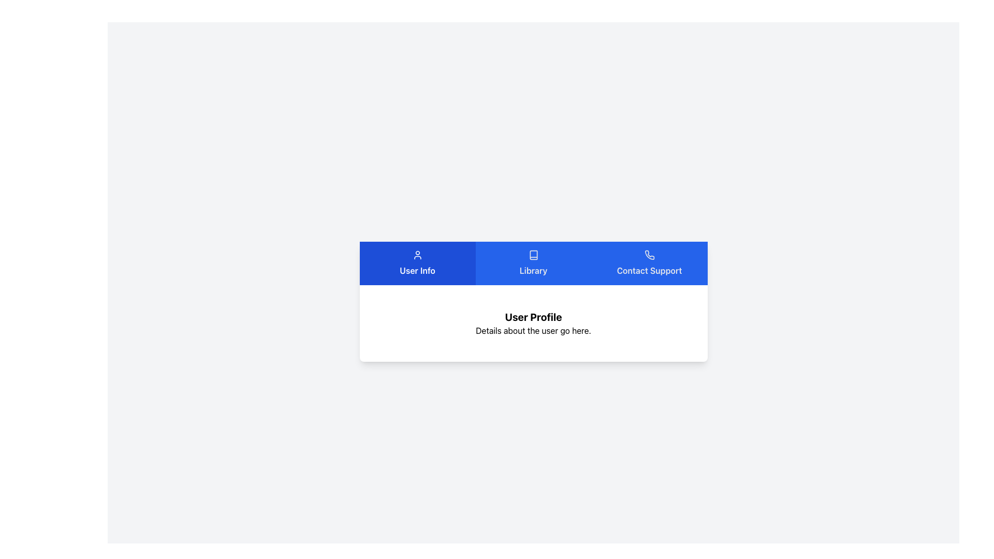 The width and height of the screenshot is (994, 559). I want to click on the 'User Info' button, which is the leftmost item in the navigation bar, to visually highlight it, so click(417, 263).